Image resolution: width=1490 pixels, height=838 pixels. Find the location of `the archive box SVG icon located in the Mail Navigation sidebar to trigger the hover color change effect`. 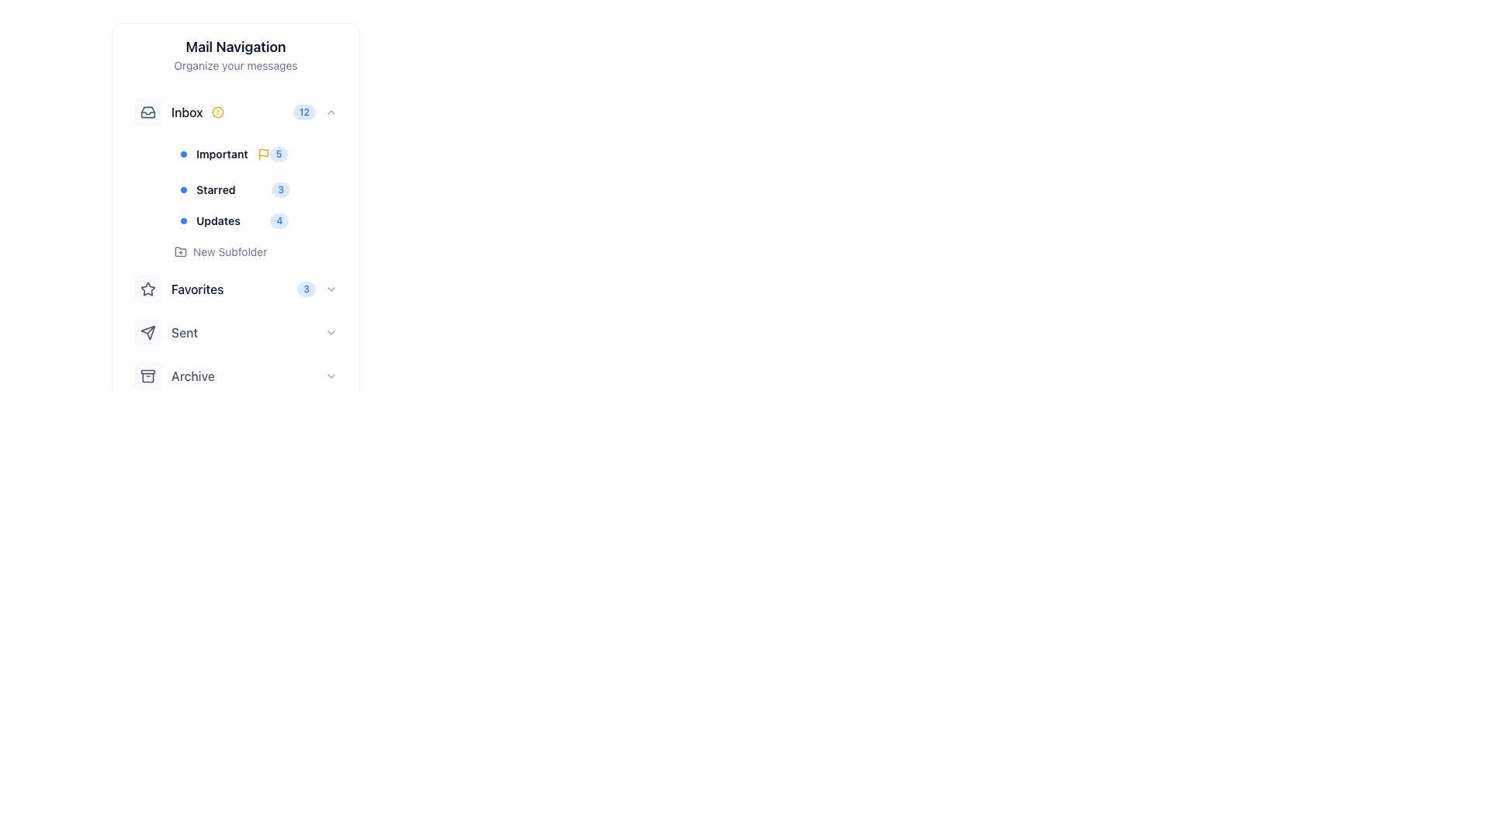

the archive box SVG icon located in the Mail Navigation sidebar to trigger the hover color change effect is located at coordinates (148, 376).